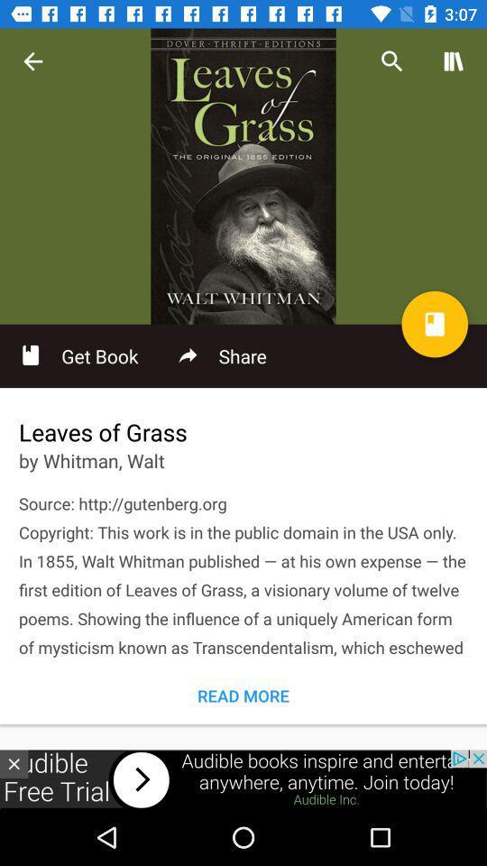 The height and width of the screenshot is (866, 487). Describe the element at coordinates (434, 324) in the screenshot. I see `the bookmark icon` at that location.